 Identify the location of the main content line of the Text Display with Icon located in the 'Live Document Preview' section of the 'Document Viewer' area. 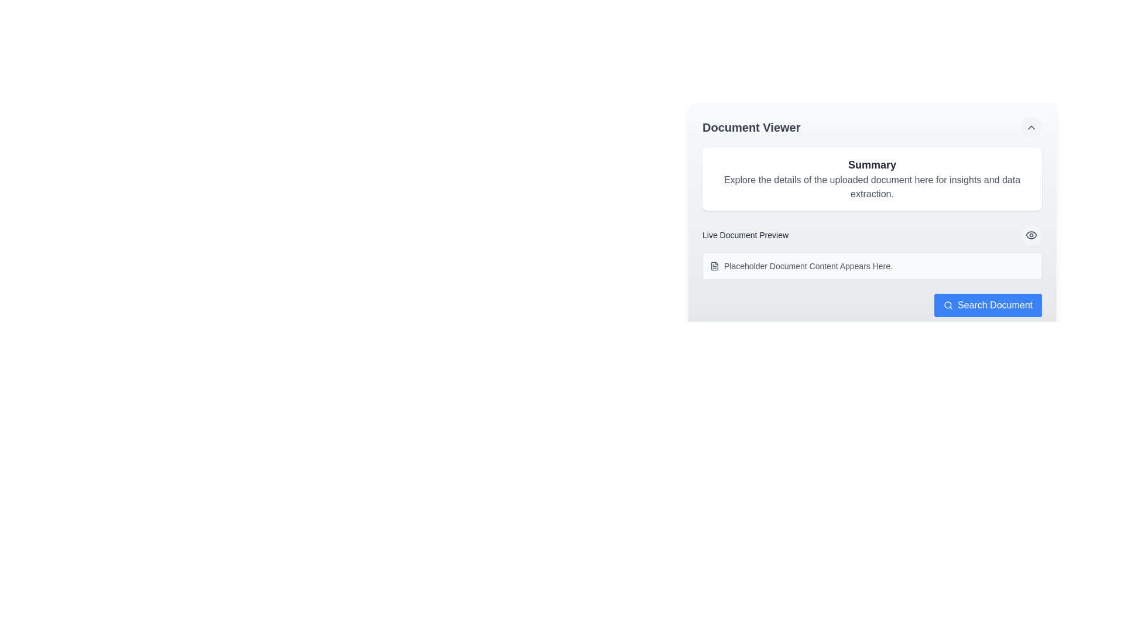
(872, 266).